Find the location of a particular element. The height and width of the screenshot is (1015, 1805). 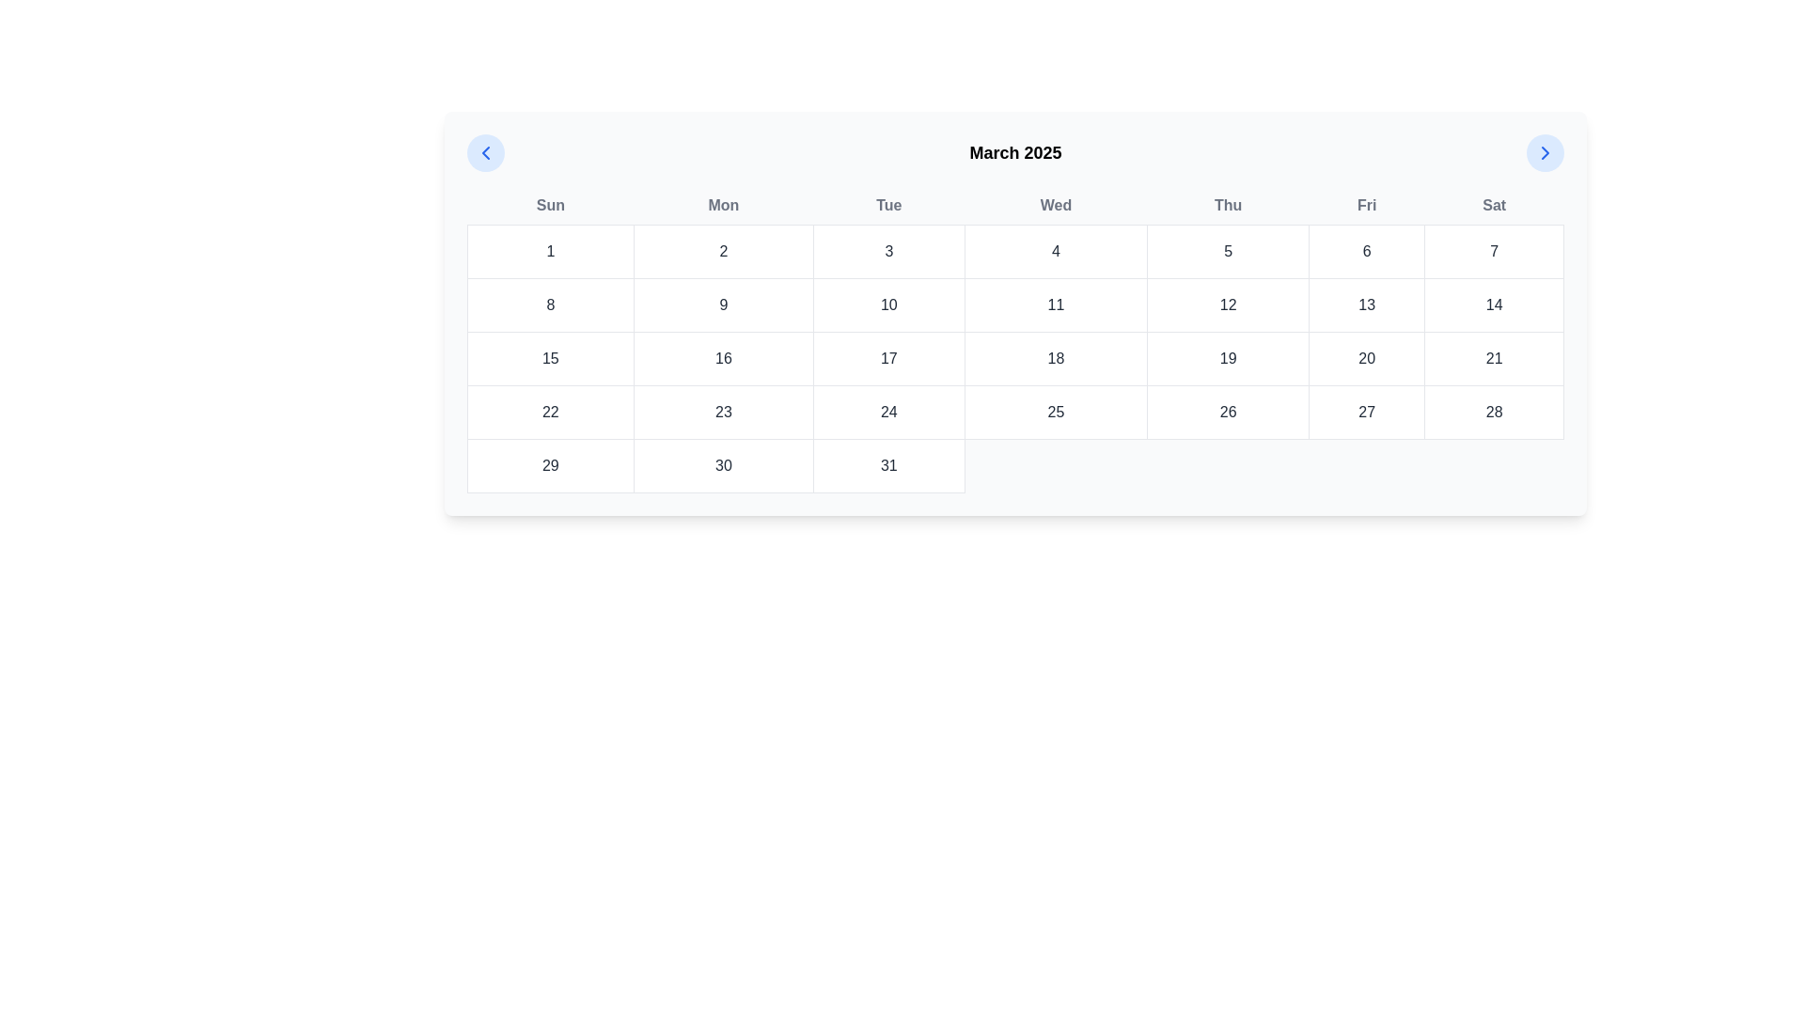

the selectable calendar date item displaying the number '5' is located at coordinates (1228, 250).